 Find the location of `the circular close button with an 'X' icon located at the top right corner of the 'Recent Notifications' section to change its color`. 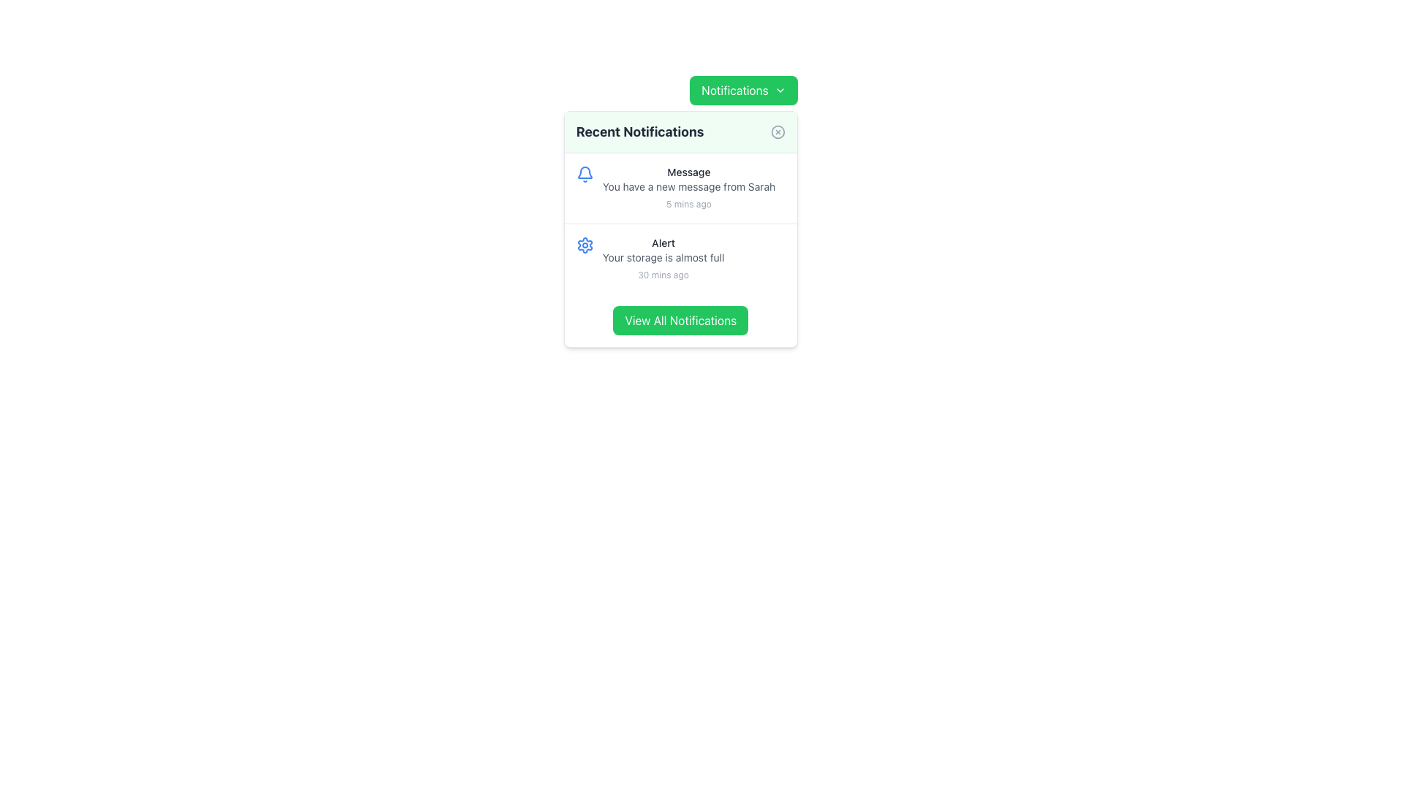

the circular close button with an 'X' icon located at the top right corner of the 'Recent Notifications' section to change its color is located at coordinates (777, 132).